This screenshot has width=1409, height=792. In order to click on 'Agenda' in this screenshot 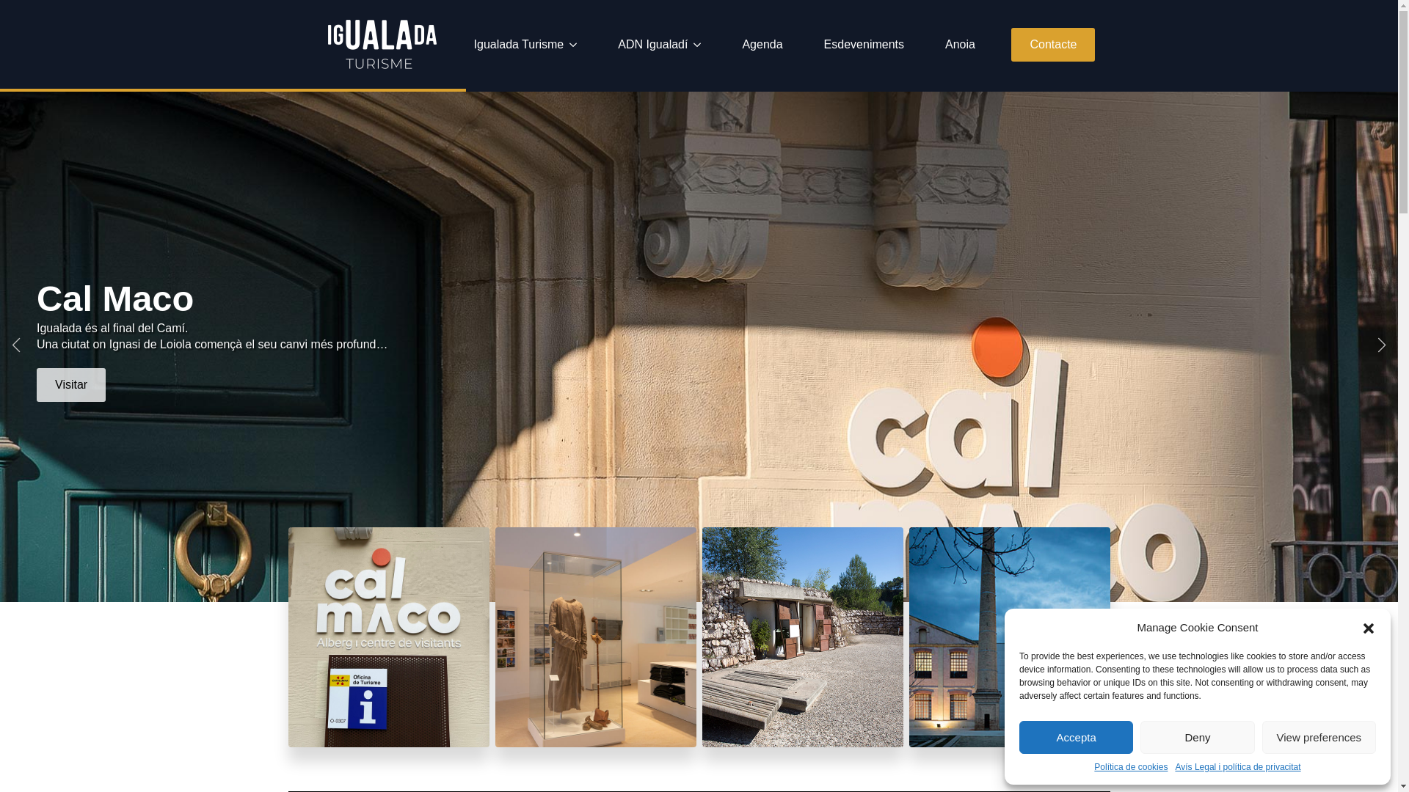, I will do `click(729, 43)`.